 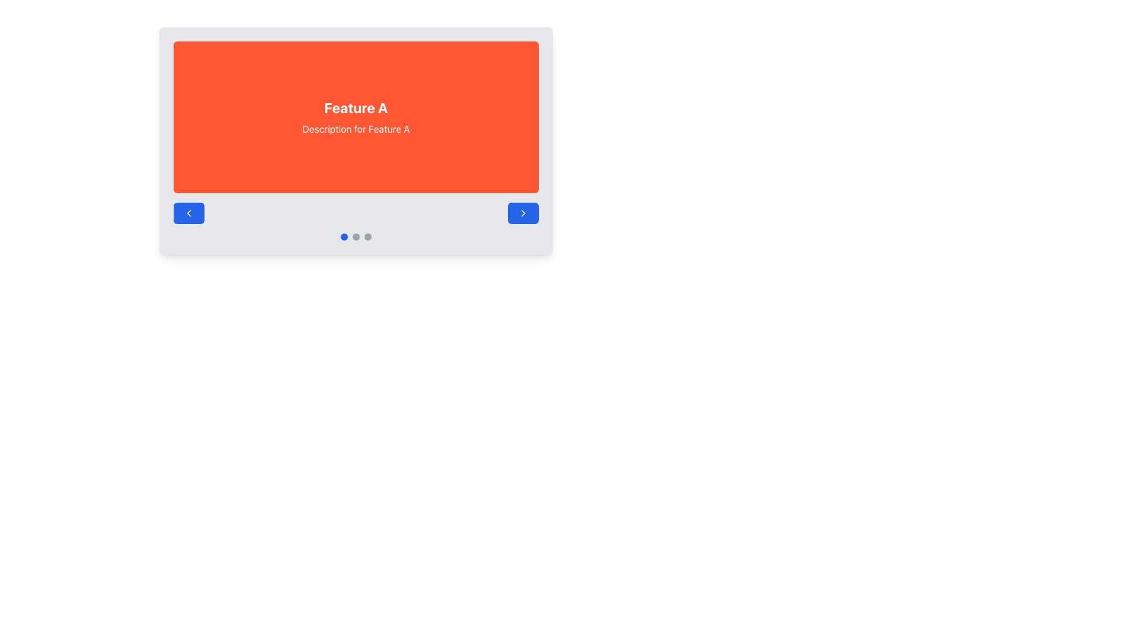 What do you see at coordinates (367, 237) in the screenshot?
I see `the small gray circular indicator, which is the last in a group of three indicators located below the main content area` at bounding box center [367, 237].